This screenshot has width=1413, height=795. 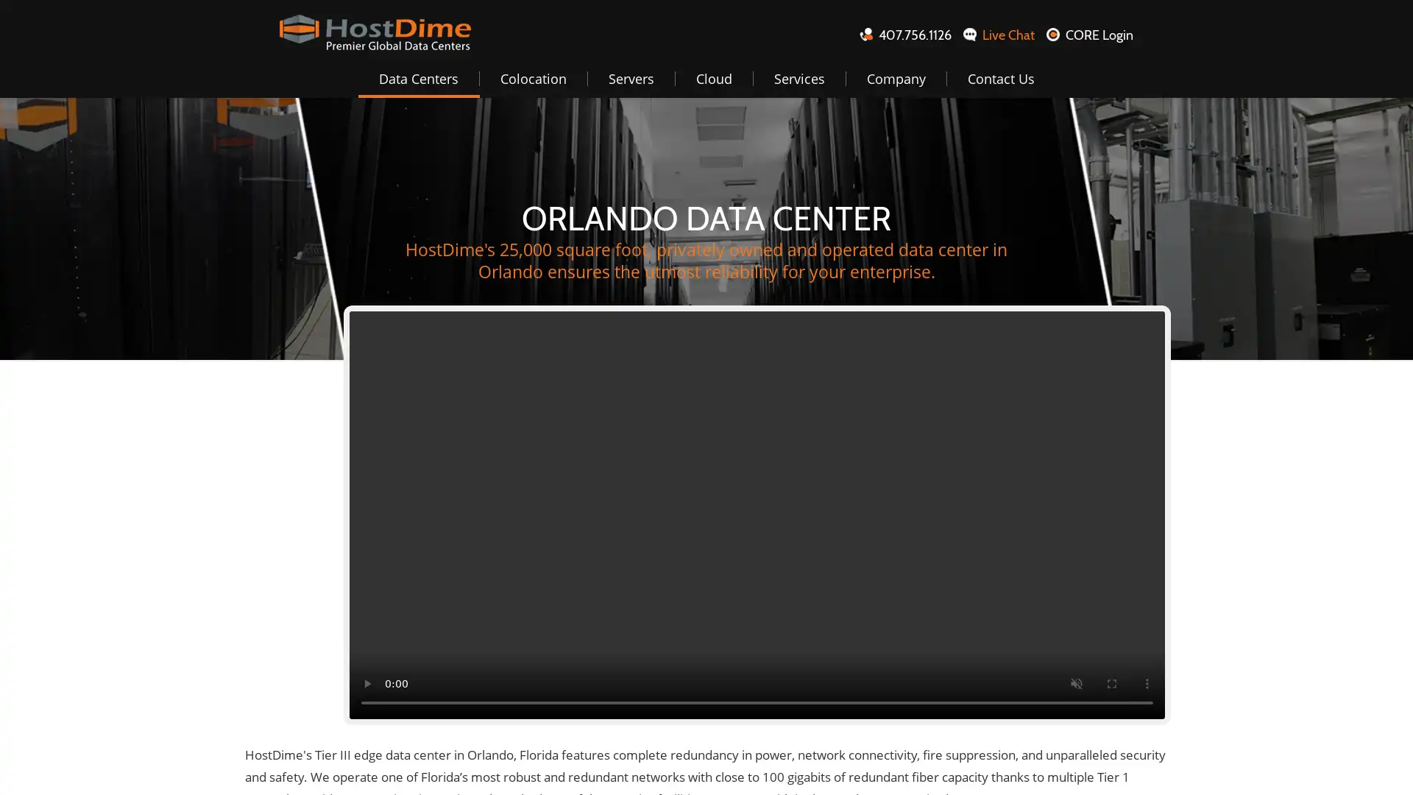 What do you see at coordinates (1112, 684) in the screenshot?
I see `enter full screen` at bounding box center [1112, 684].